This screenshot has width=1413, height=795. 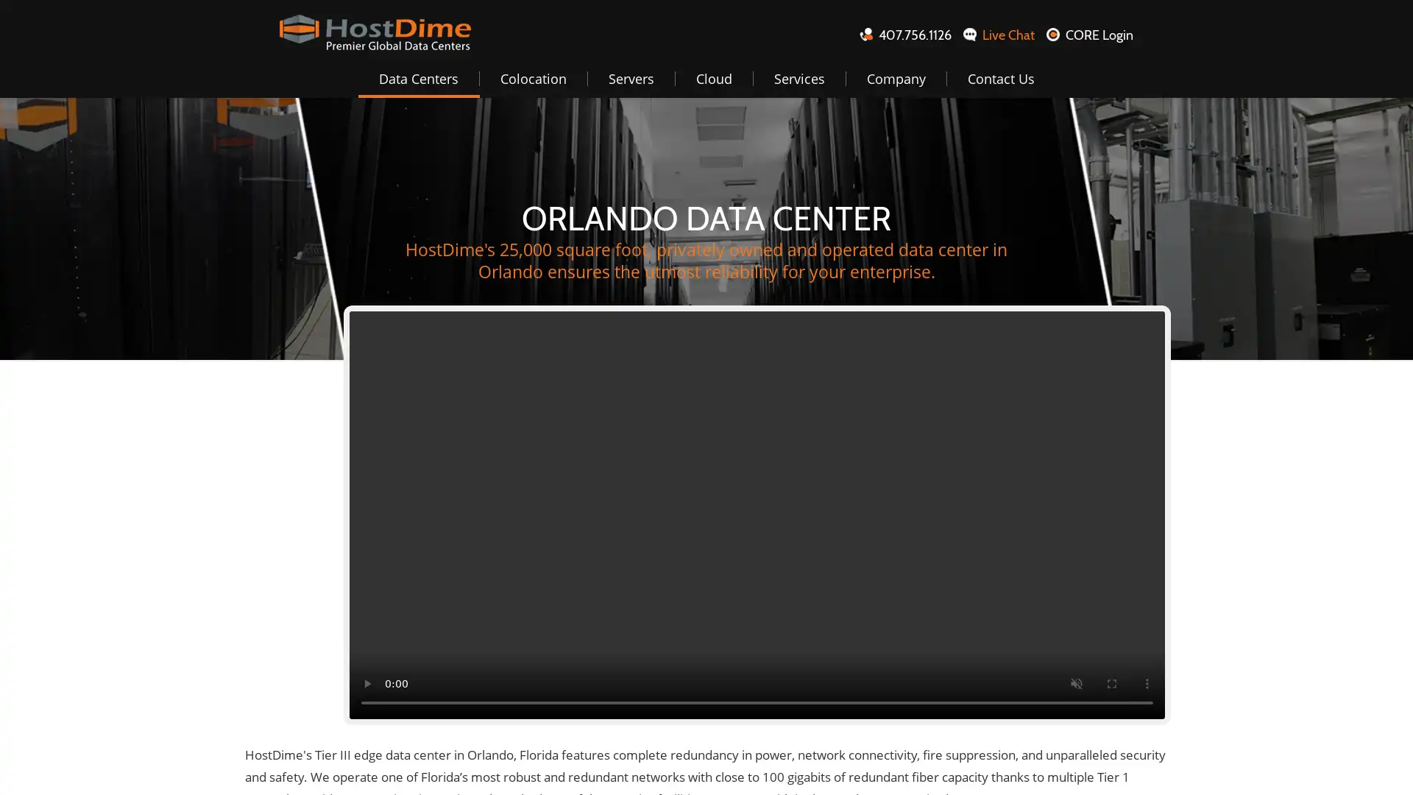 What do you see at coordinates (1112, 684) in the screenshot?
I see `enter full screen` at bounding box center [1112, 684].